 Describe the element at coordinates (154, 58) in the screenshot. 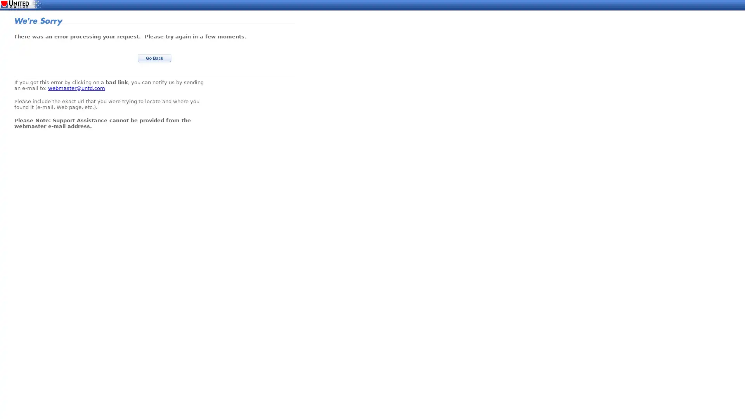

I see `Submit` at that location.